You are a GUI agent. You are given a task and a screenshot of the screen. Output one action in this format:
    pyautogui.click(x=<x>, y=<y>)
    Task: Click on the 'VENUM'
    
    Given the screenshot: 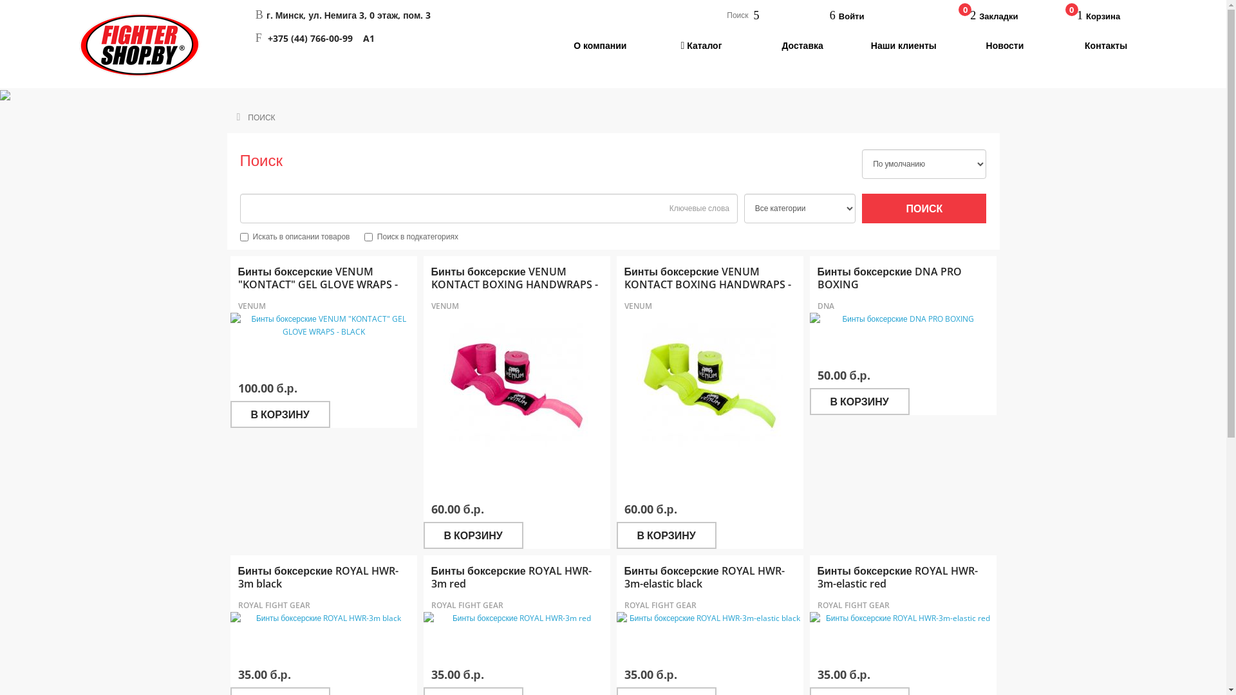 What is the action you would take?
    pyautogui.click(x=230, y=306)
    